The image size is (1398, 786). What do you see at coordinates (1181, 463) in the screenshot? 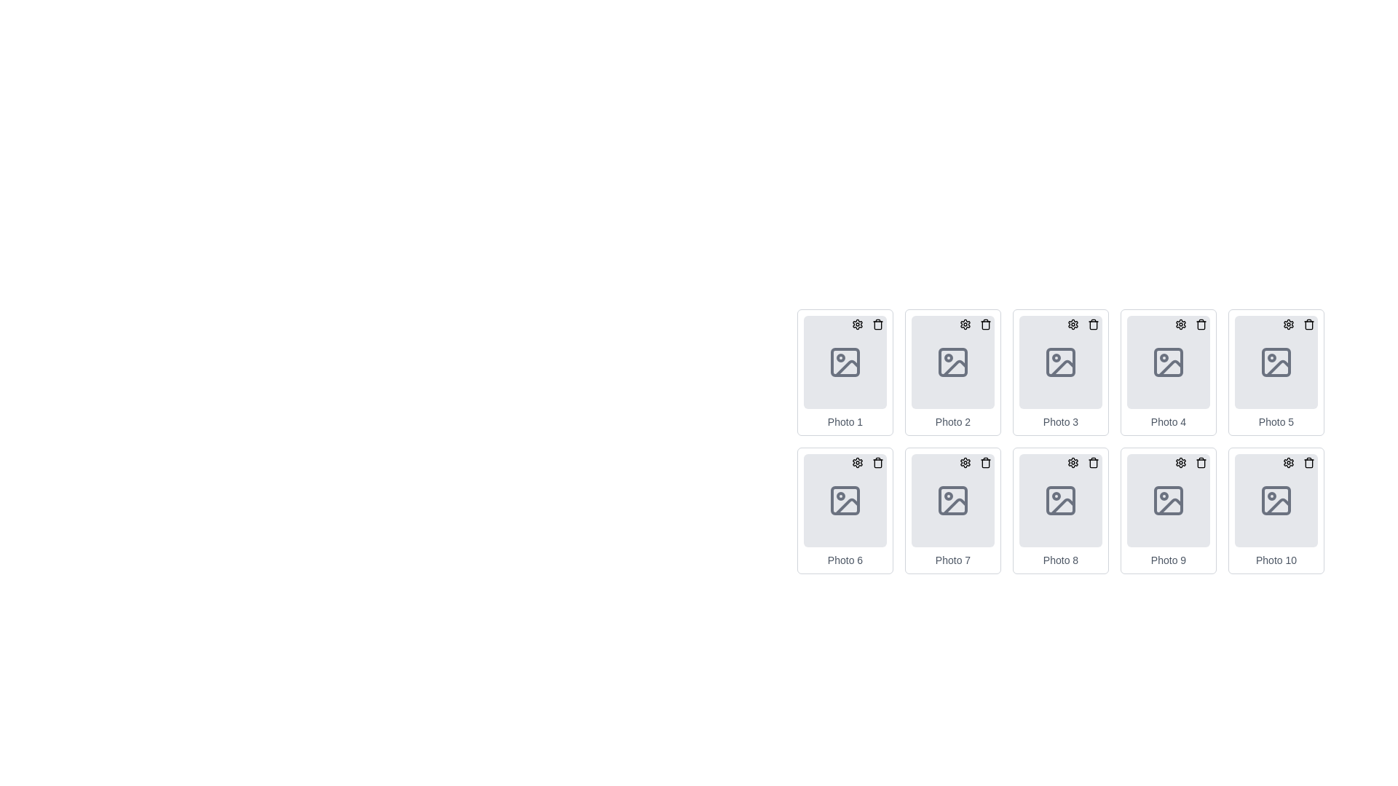
I see `the settings button located at the top-left corner of the 'Photo 9' card` at bounding box center [1181, 463].